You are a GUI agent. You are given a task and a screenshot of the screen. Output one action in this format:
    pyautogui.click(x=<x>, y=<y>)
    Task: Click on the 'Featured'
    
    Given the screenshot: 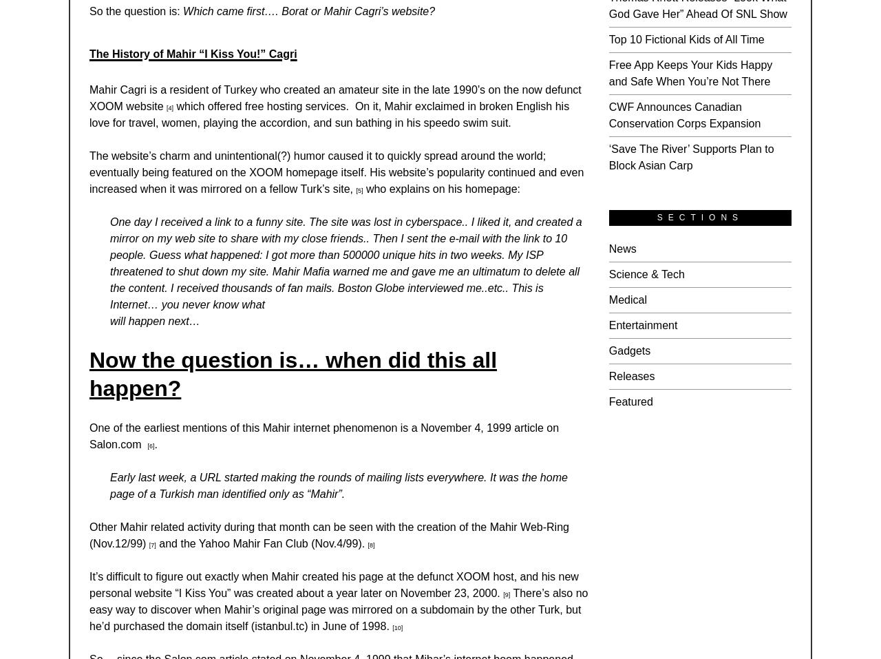 What is the action you would take?
    pyautogui.click(x=629, y=401)
    